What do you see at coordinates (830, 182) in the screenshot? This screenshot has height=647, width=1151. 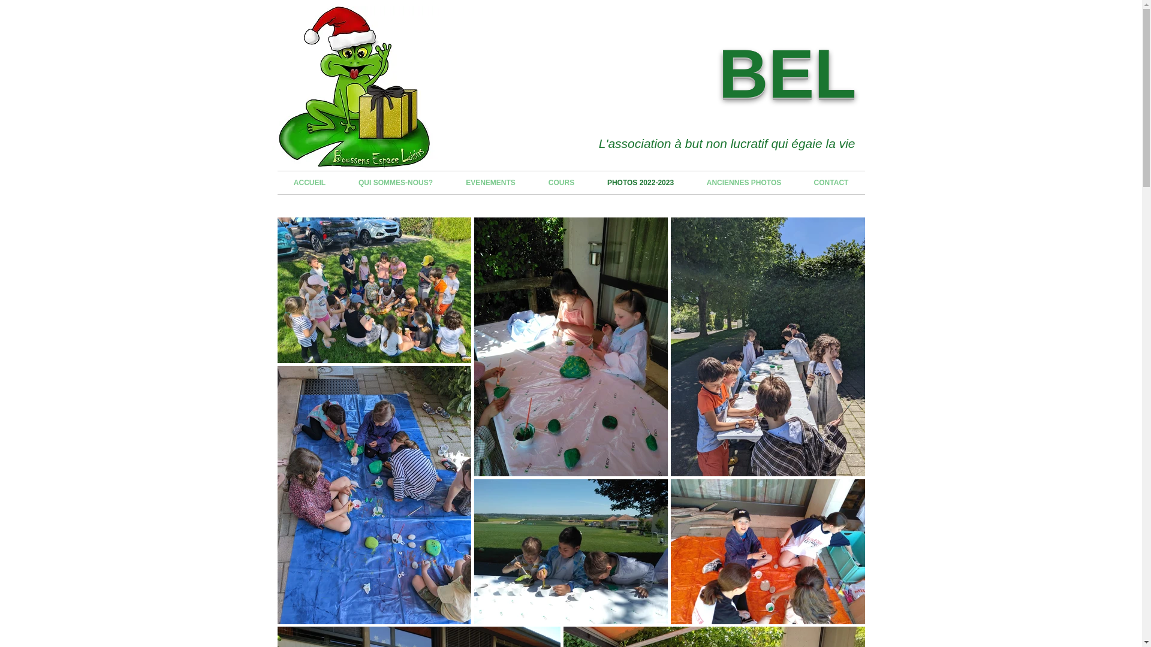 I see `'CONTACT'` at bounding box center [830, 182].